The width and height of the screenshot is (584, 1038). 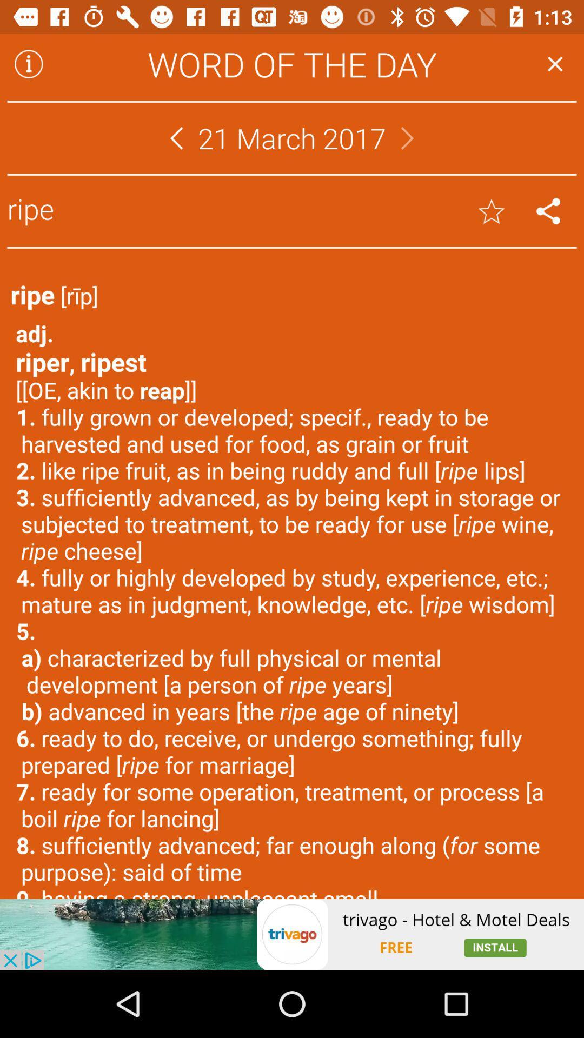 What do you see at coordinates (292, 934) in the screenshot?
I see `advertisement` at bounding box center [292, 934].